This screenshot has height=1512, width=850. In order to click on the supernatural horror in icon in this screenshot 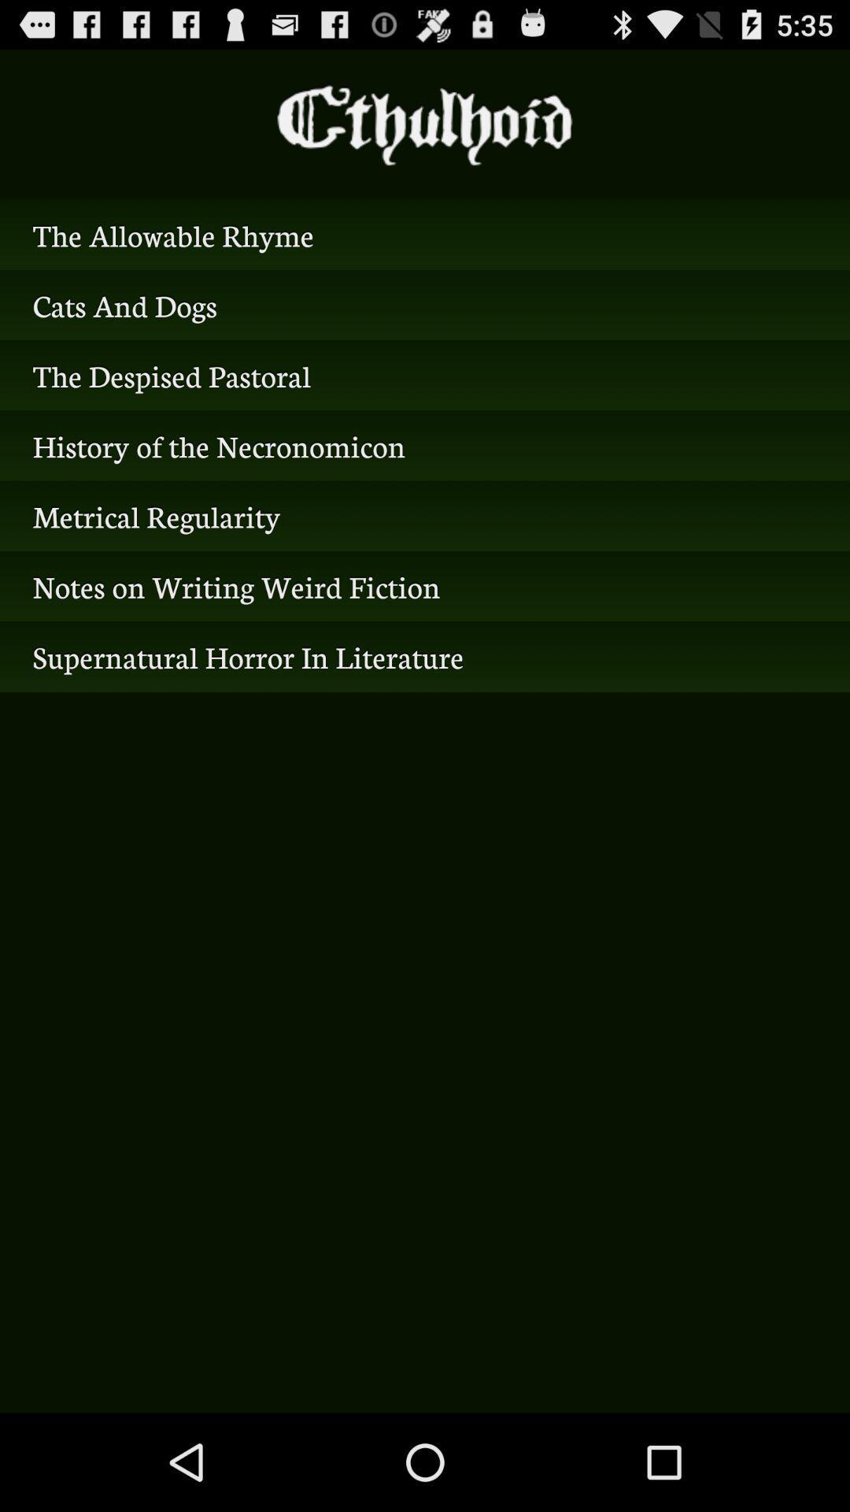, I will do `click(425, 657)`.